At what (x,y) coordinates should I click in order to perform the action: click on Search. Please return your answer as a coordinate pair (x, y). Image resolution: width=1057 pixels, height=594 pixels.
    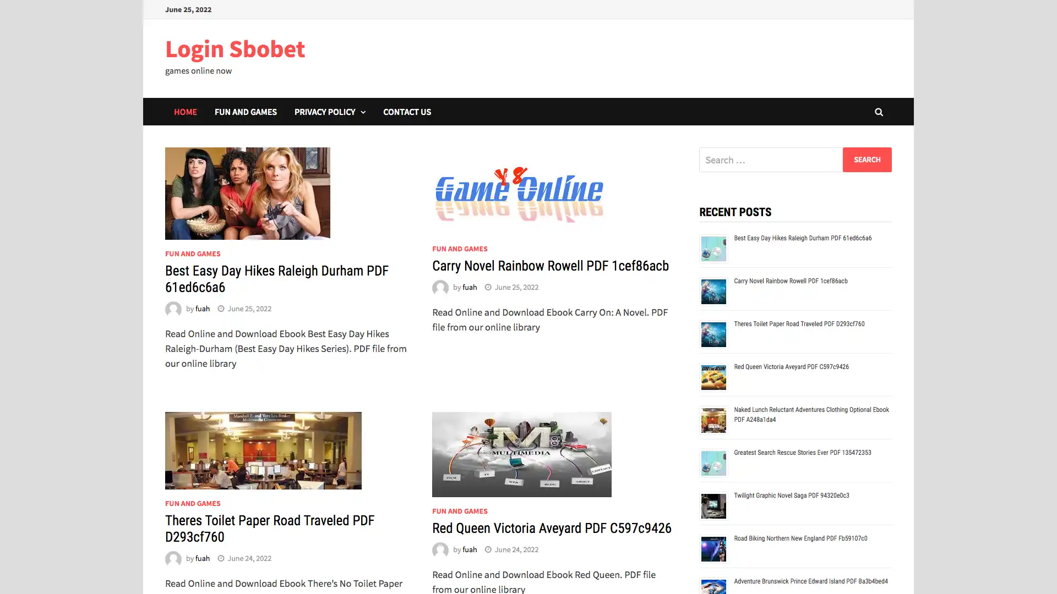
    Looking at the image, I should click on (867, 159).